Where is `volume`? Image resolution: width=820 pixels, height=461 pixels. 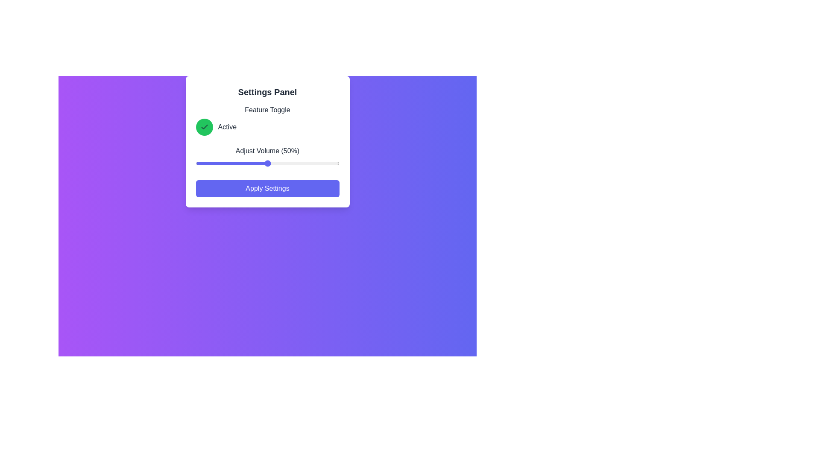
volume is located at coordinates (323, 163).